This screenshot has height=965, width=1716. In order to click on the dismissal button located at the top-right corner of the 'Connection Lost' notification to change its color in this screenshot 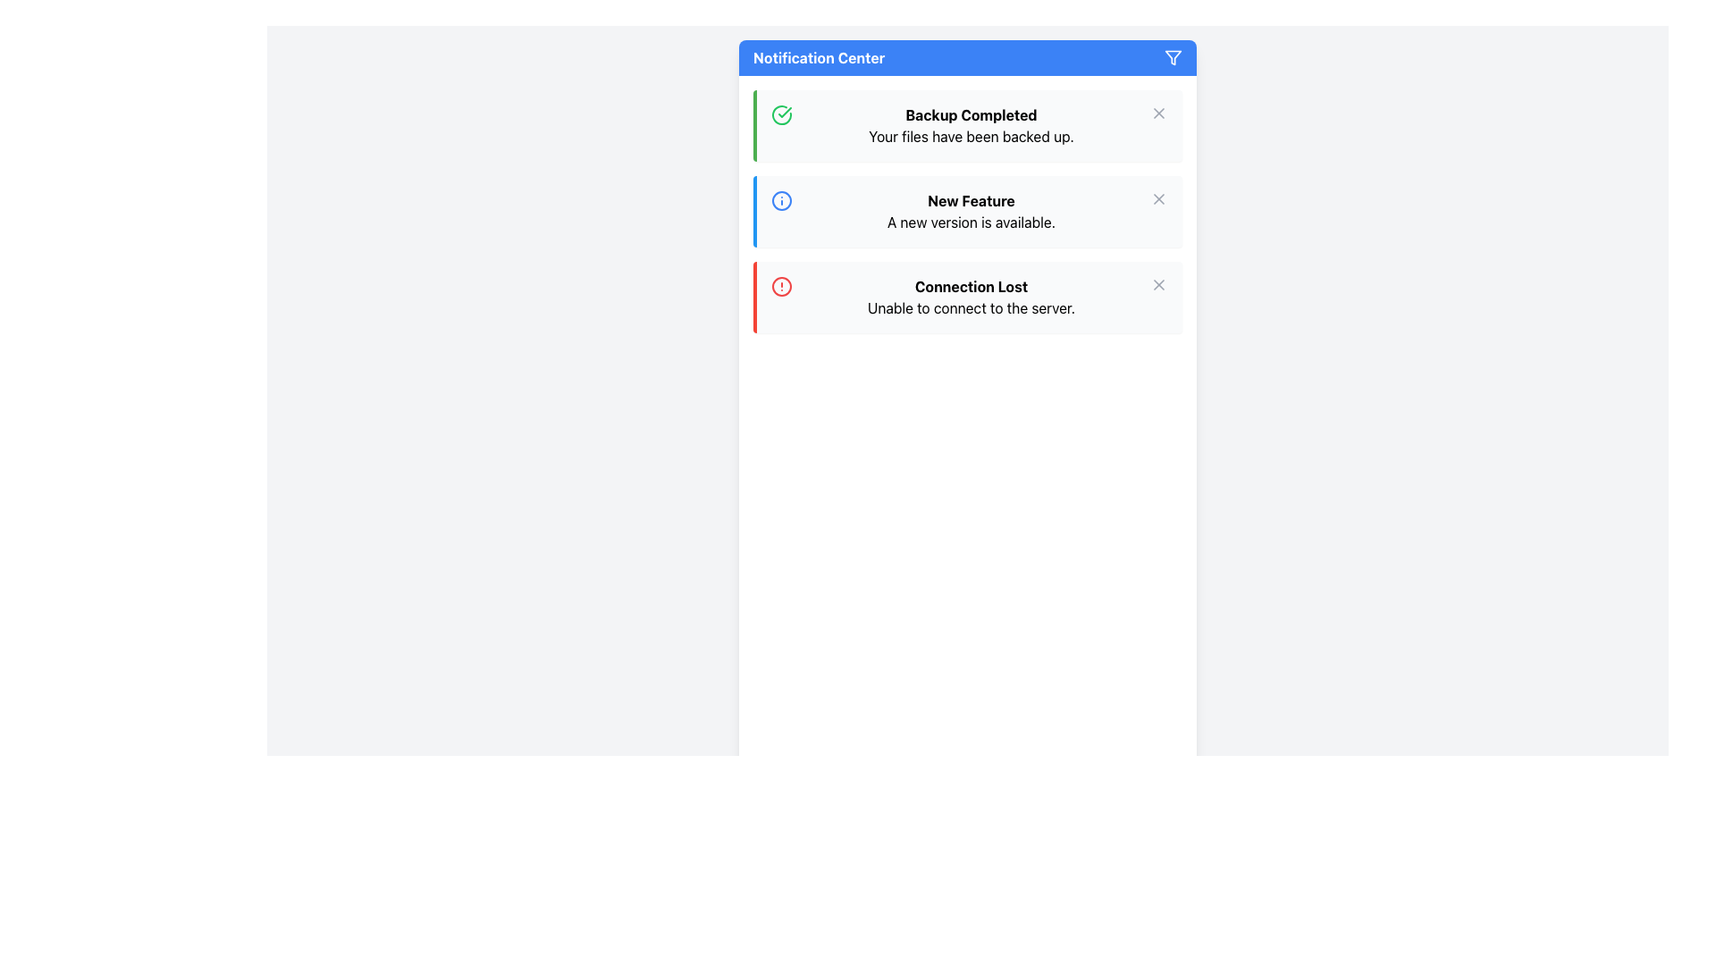, I will do `click(1158, 284)`.